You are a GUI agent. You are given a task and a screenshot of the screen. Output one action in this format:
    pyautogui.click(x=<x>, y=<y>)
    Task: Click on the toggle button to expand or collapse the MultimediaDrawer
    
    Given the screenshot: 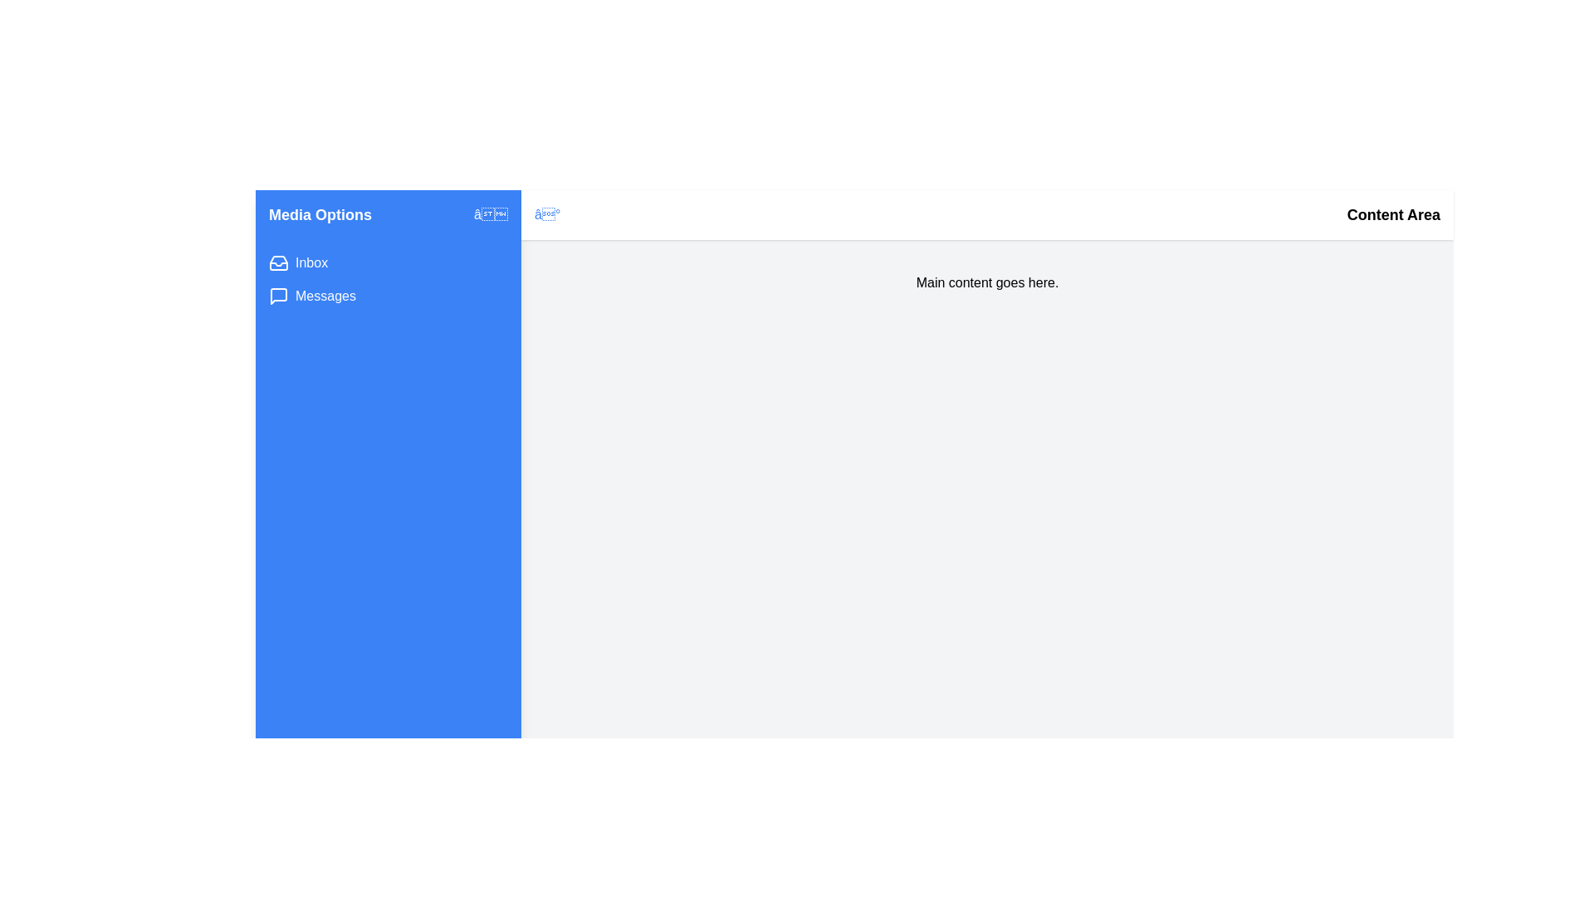 What is the action you would take?
    pyautogui.click(x=490, y=213)
    